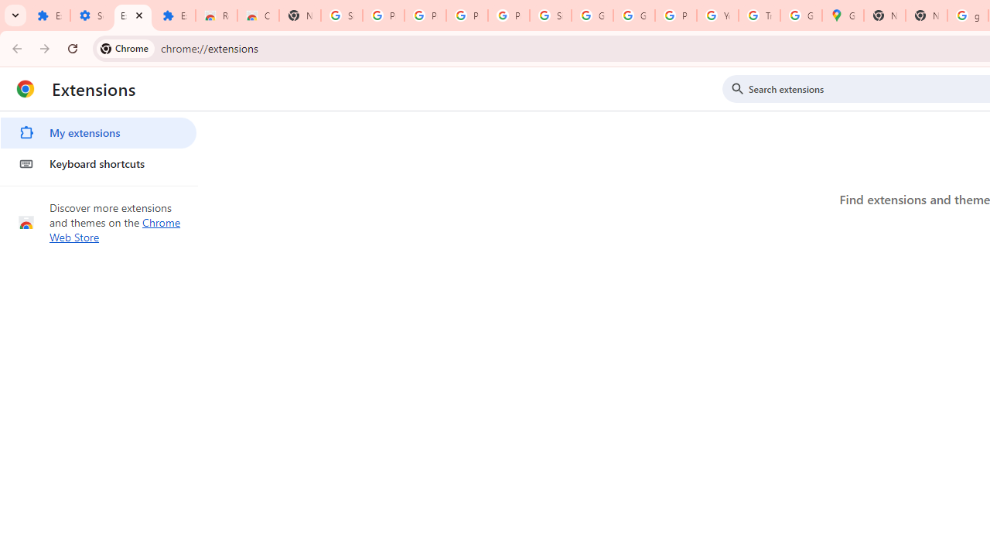 Image resolution: width=990 pixels, height=557 pixels. I want to click on 'Chrome Web Store', so click(114, 230).